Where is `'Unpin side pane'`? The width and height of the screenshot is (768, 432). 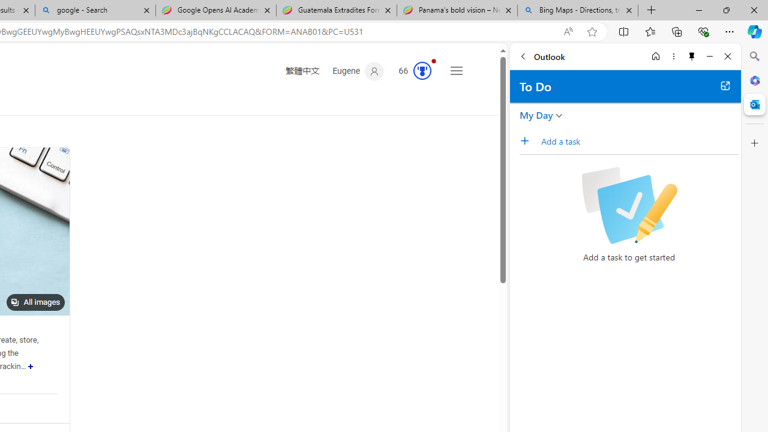 'Unpin side pane' is located at coordinates (692, 56).